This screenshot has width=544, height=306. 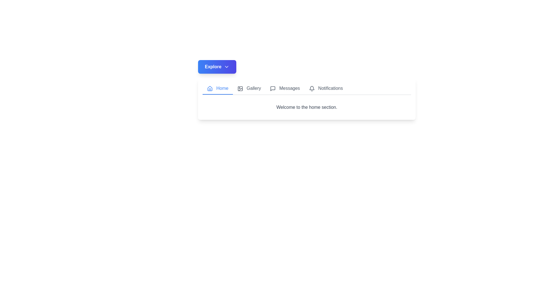 I want to click on the active and inactive sections of the Navigation bar, which includes labels for Home, Gallery, Messages, and Notifications, with distinct text colors indicating the active section, so click(x=307, y=89).